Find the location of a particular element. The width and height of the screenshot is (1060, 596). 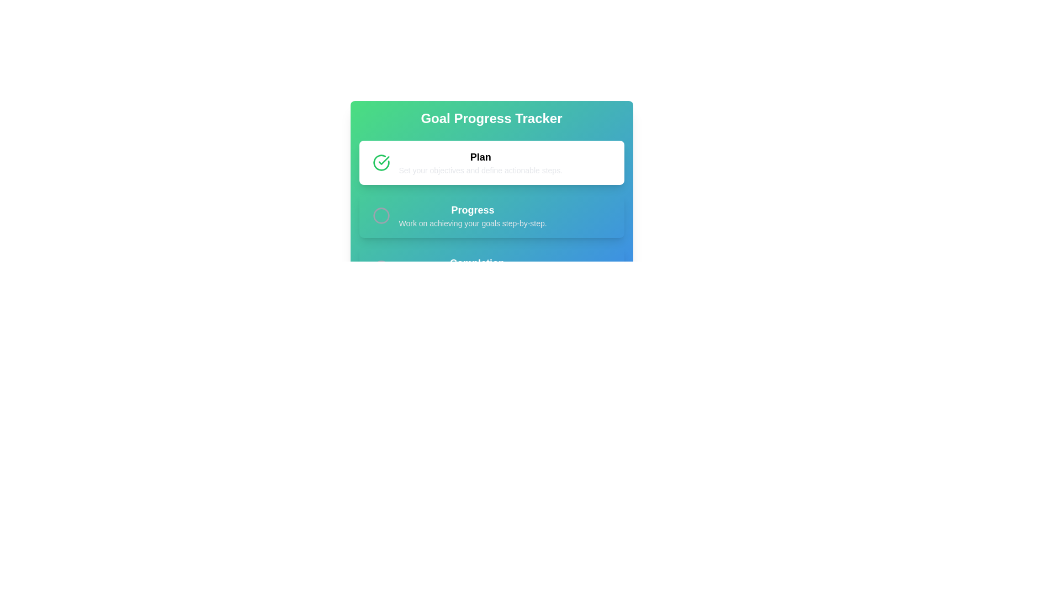

the circular SVG graphic element with a green border and checkmark, located to the left of the 'Plan' entry in the goal-tracker interface is located at coordinates (381, 162).